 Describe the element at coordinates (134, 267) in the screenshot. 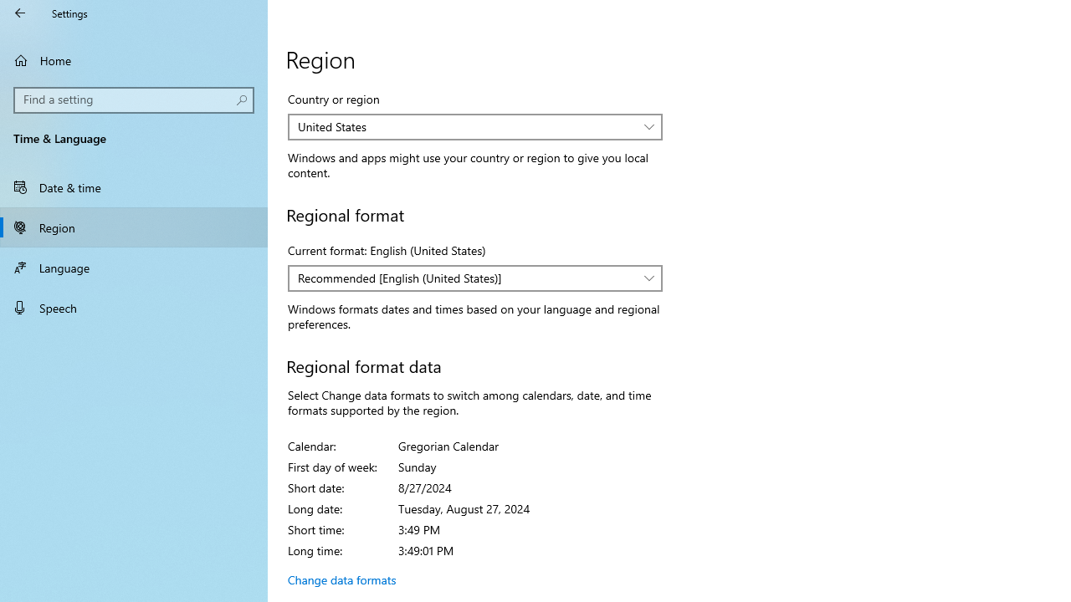

I see `'Language'` at that location.